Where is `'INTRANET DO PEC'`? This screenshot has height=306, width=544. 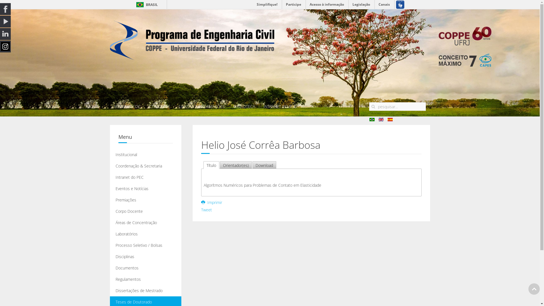
'INTRANET DO PEC' is located at coordinates (258, 106).